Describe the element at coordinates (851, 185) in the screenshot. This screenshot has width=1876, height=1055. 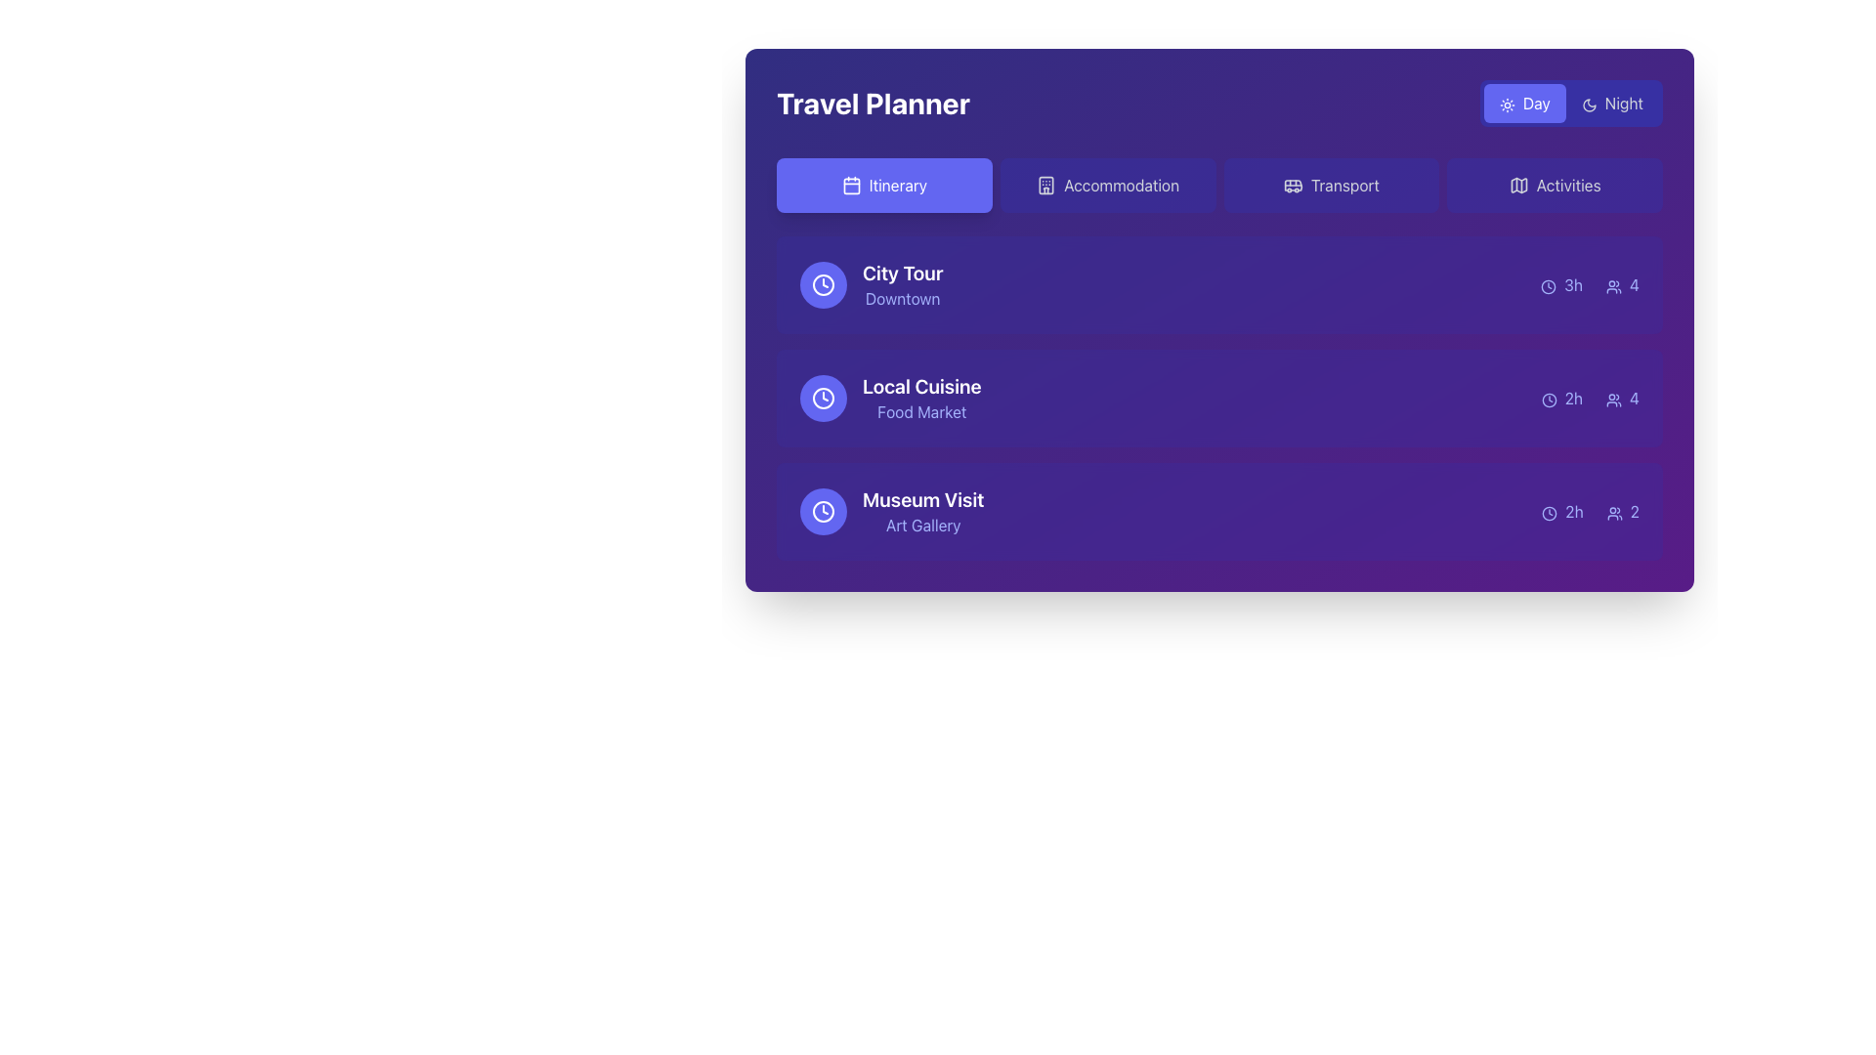
I see `the calendar icon located within the prominently styled 'Itinerary' button in the navigation section` at that location.